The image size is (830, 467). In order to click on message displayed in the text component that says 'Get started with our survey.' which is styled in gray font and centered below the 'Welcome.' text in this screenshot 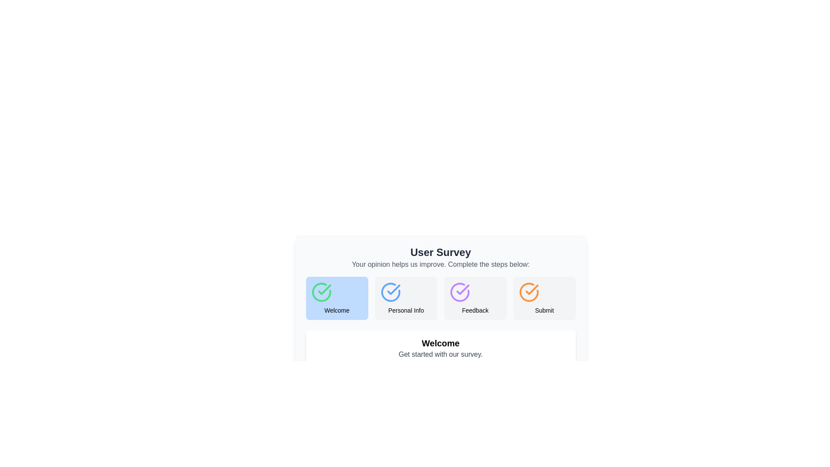, I will do `click(441, 355)`.